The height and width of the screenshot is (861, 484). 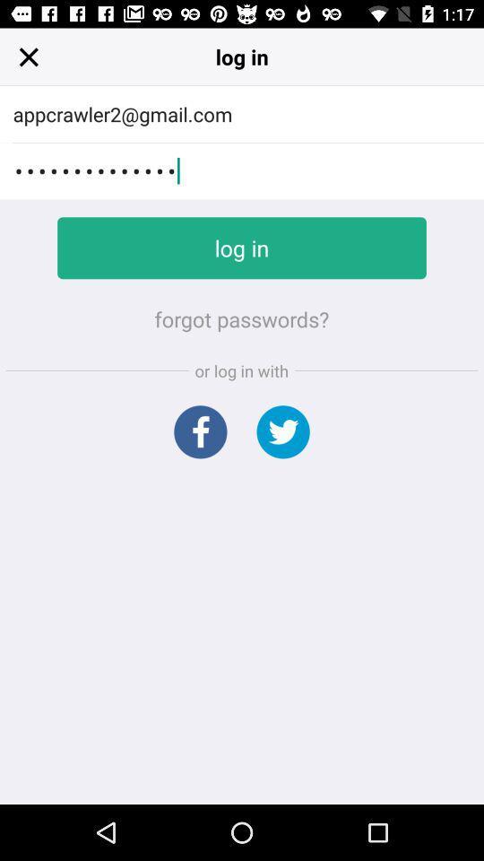 What do you see at coordinates (199, 430) in the screenshot?
I see `open facebook` at bounding box center [199, 430].